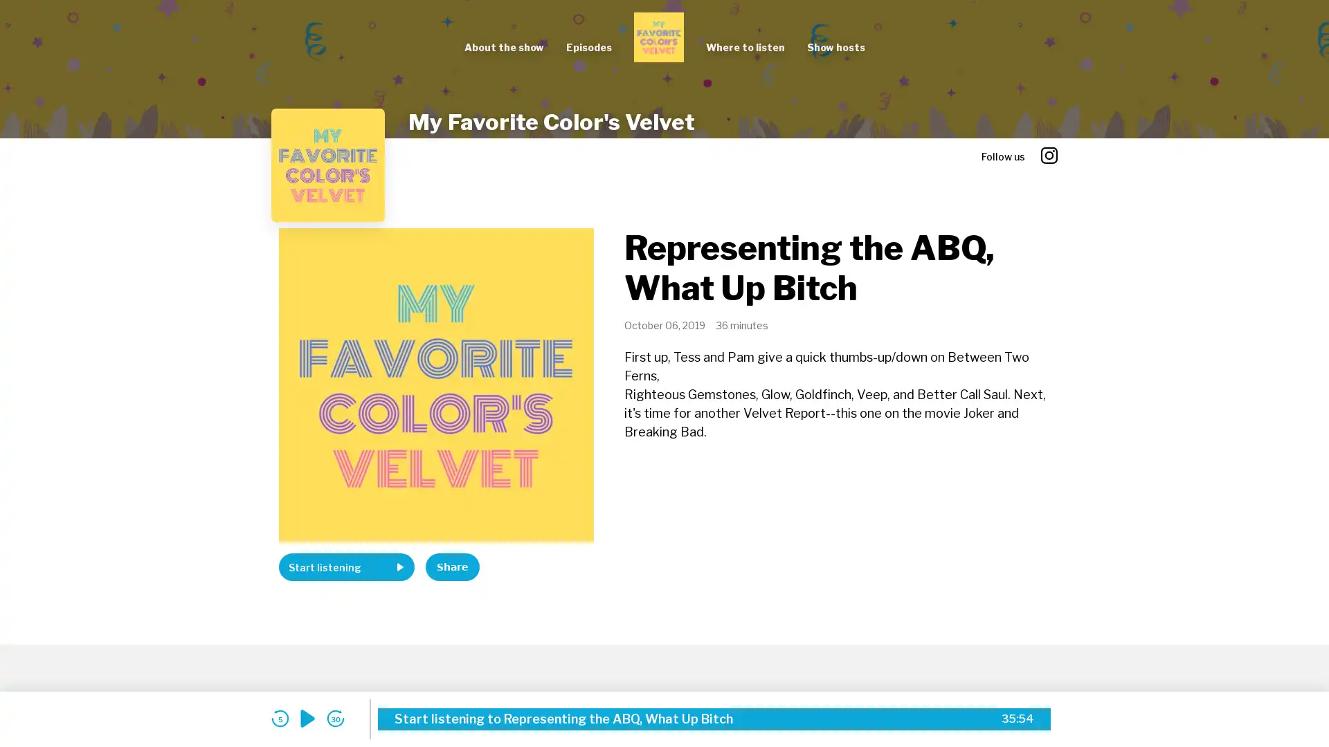 The width and height of the screenshot is (1329, 747). Describe the element at coordinates (307, 718) in the screenshot. I see `play audio` at that location.